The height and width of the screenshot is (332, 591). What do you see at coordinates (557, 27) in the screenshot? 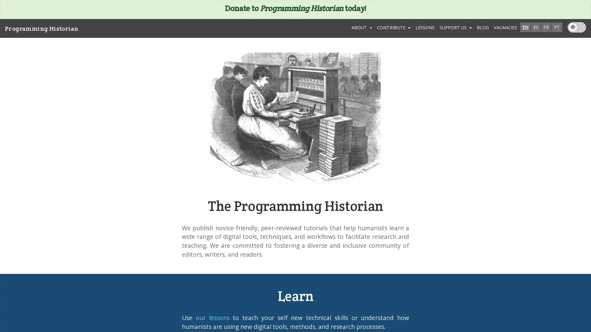
I see `PT` at bounding box center [557, 27].